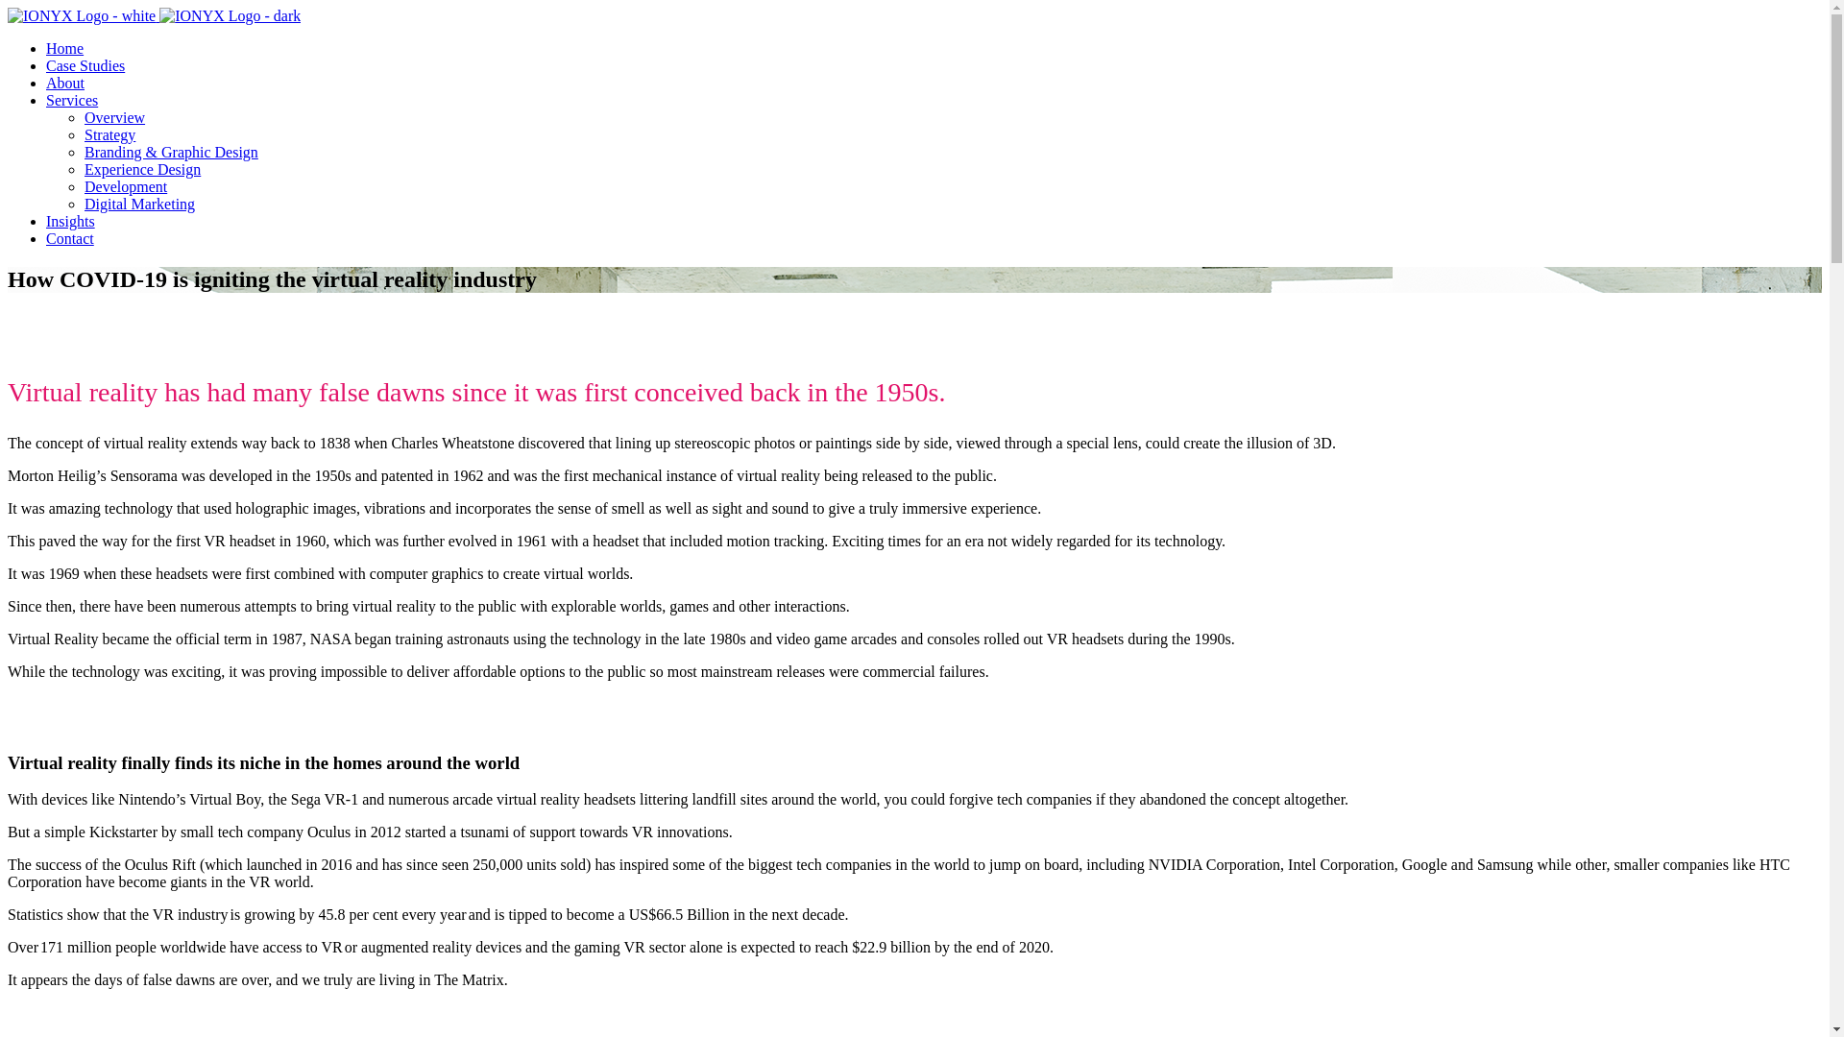  What do you see at coordinates (85, 64) in the screenshot?
I see `'Case Studies'` at bounding box center [85, 64].